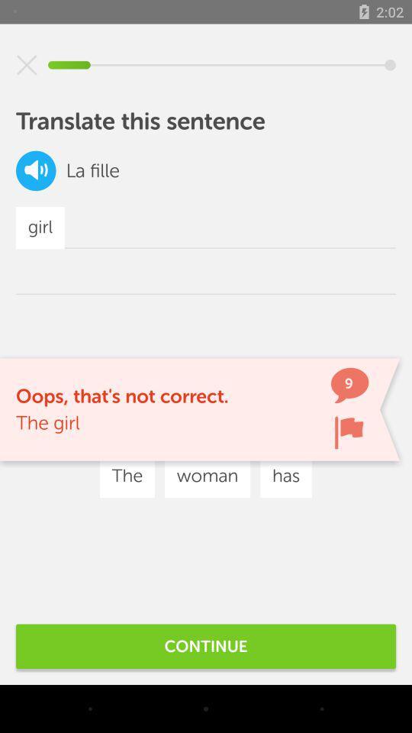  What do you see at coordinates (36, 170) in the screenshot?
I see `the volume icon` at bounding box center [36, 170].